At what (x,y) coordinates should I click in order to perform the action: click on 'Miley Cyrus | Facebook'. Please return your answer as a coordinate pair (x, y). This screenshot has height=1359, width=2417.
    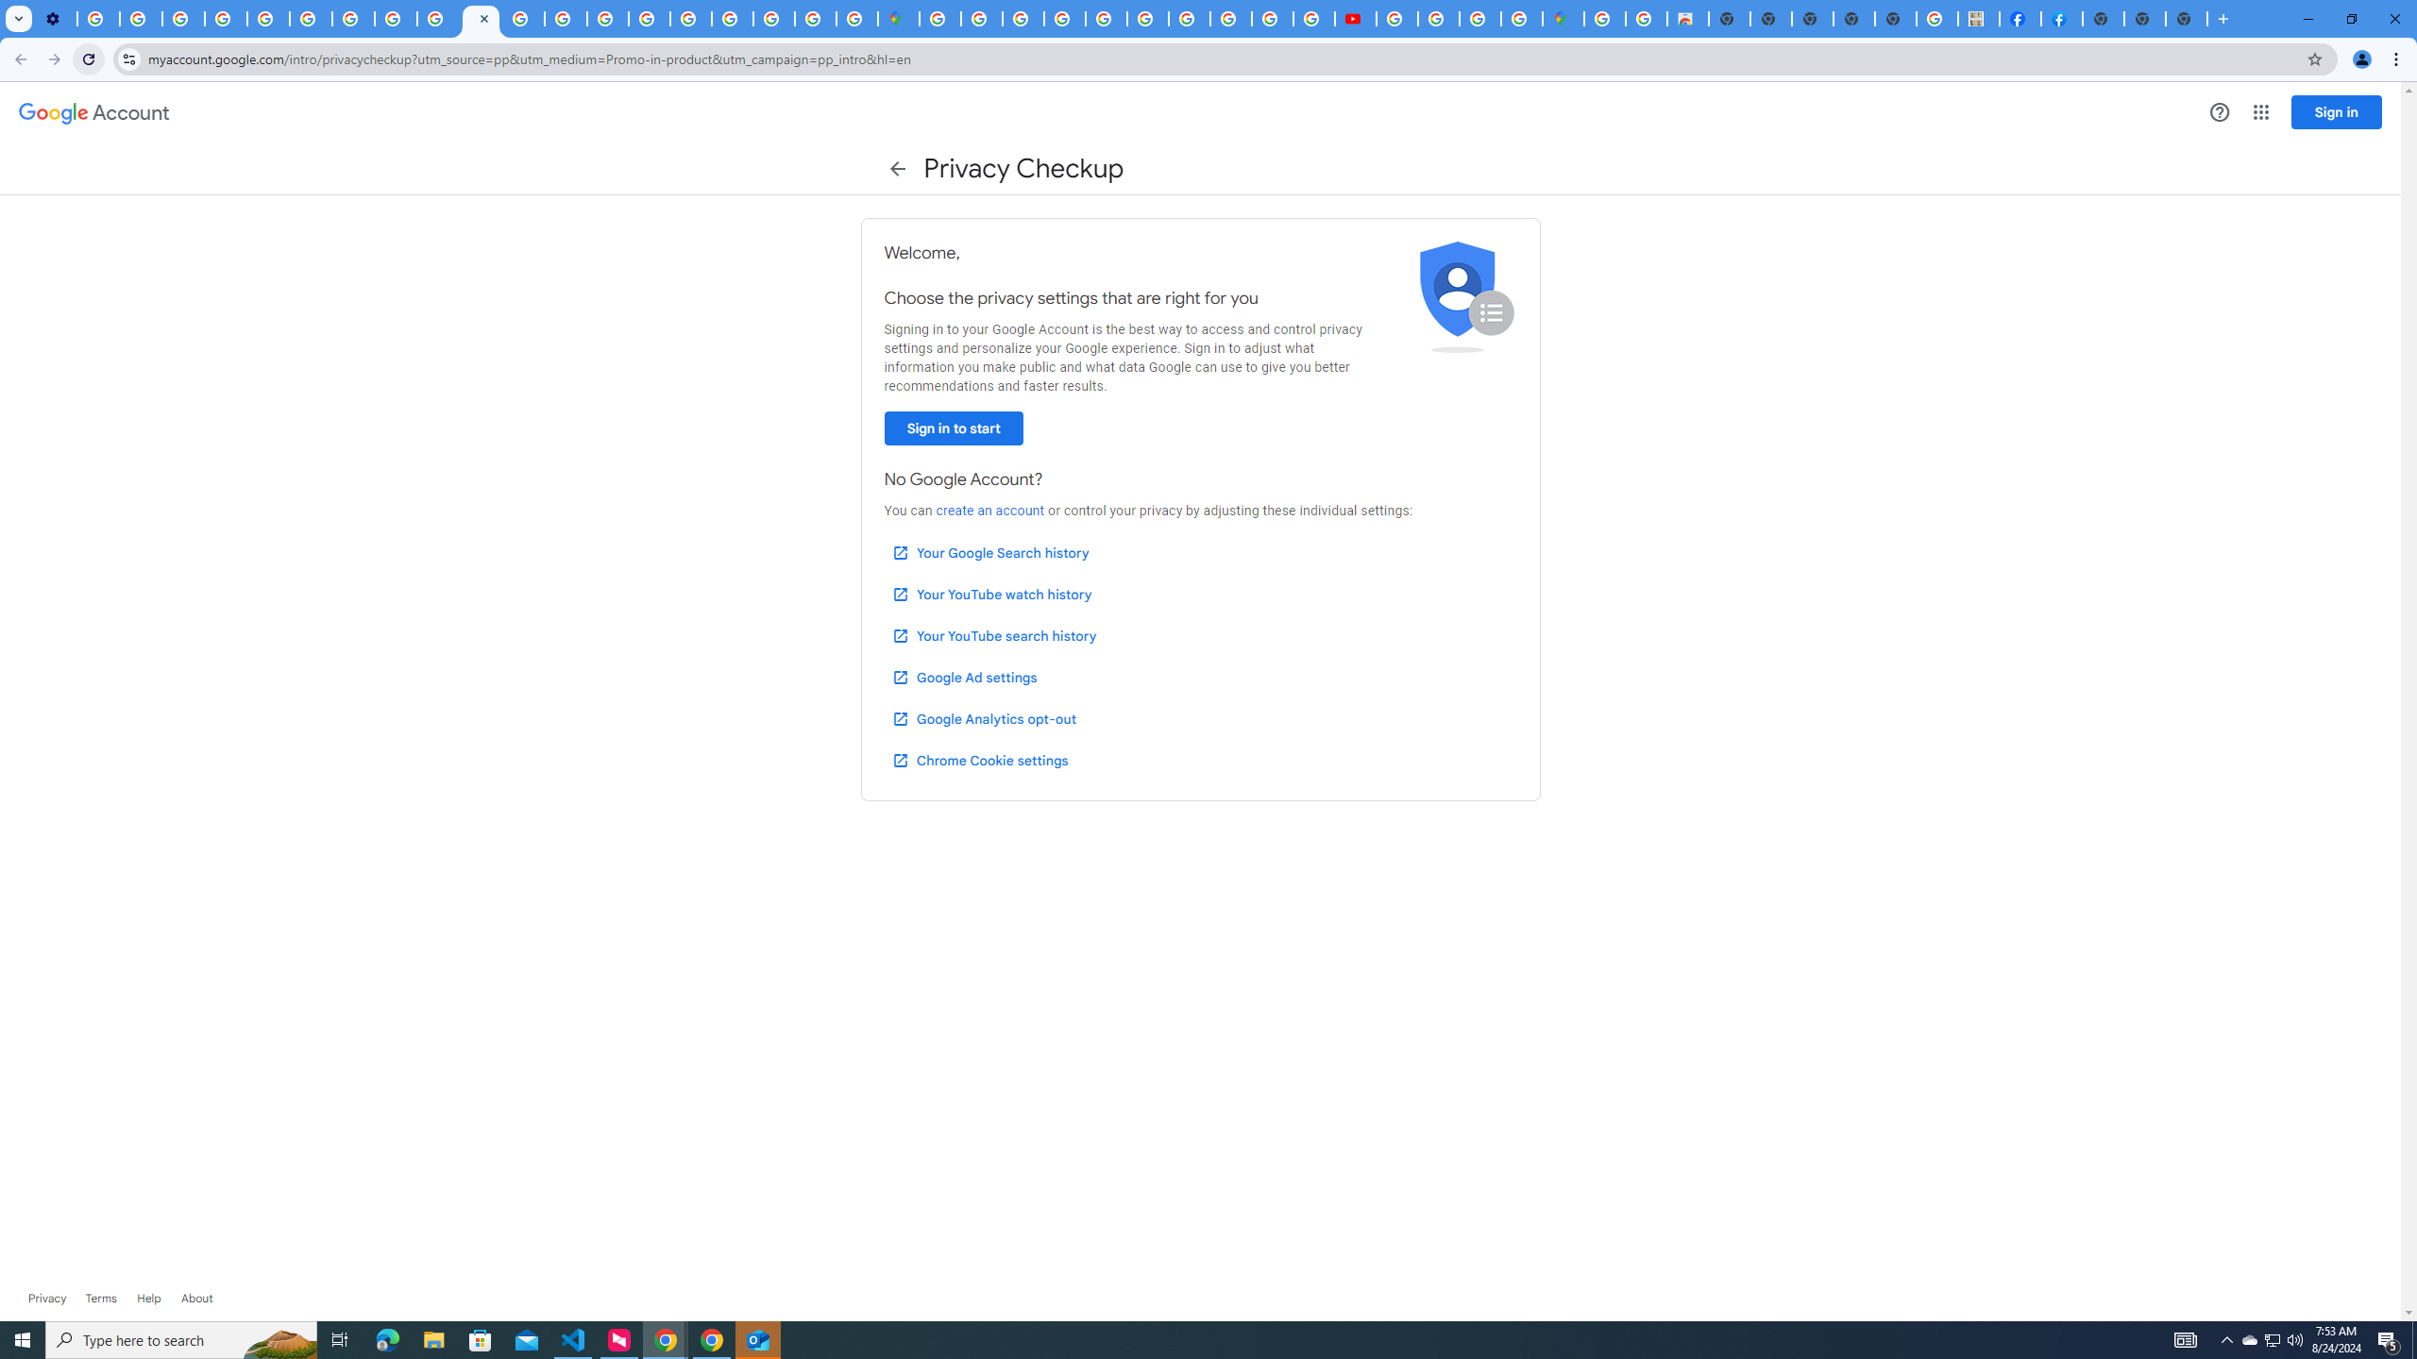
    Looking at the image, I should click on (2020, 18).